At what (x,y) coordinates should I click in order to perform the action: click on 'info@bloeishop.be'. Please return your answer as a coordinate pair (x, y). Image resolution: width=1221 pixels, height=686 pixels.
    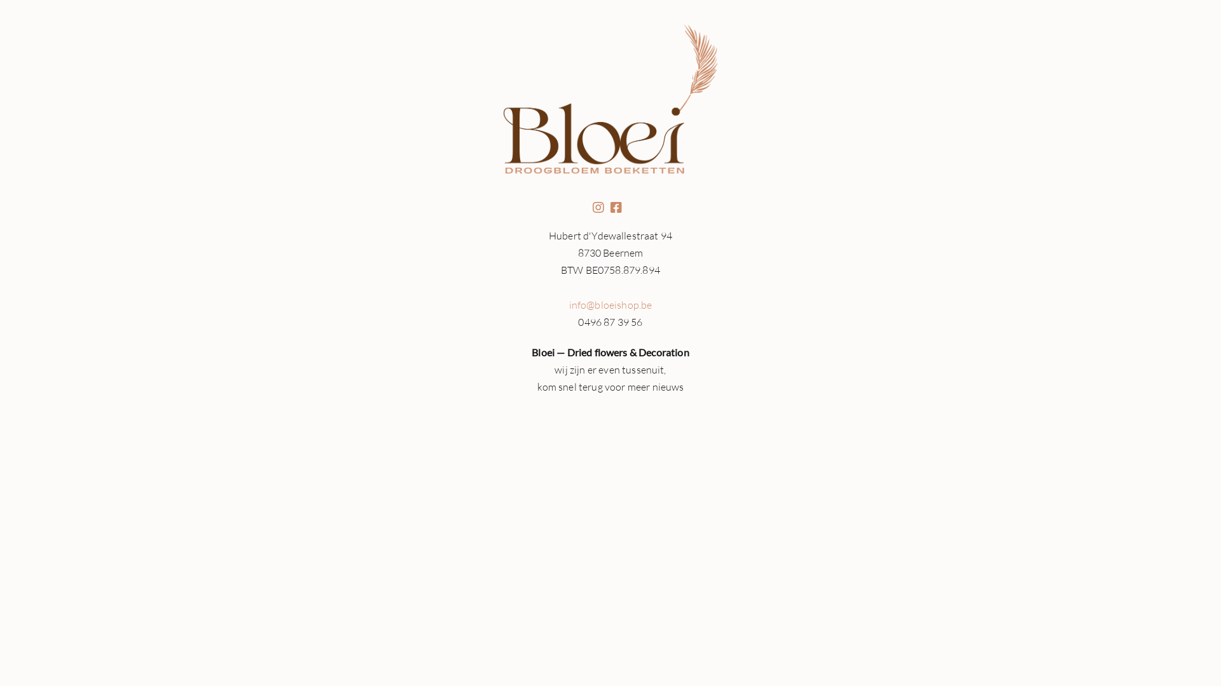
    Looking at the image, I should click on (610, 304).